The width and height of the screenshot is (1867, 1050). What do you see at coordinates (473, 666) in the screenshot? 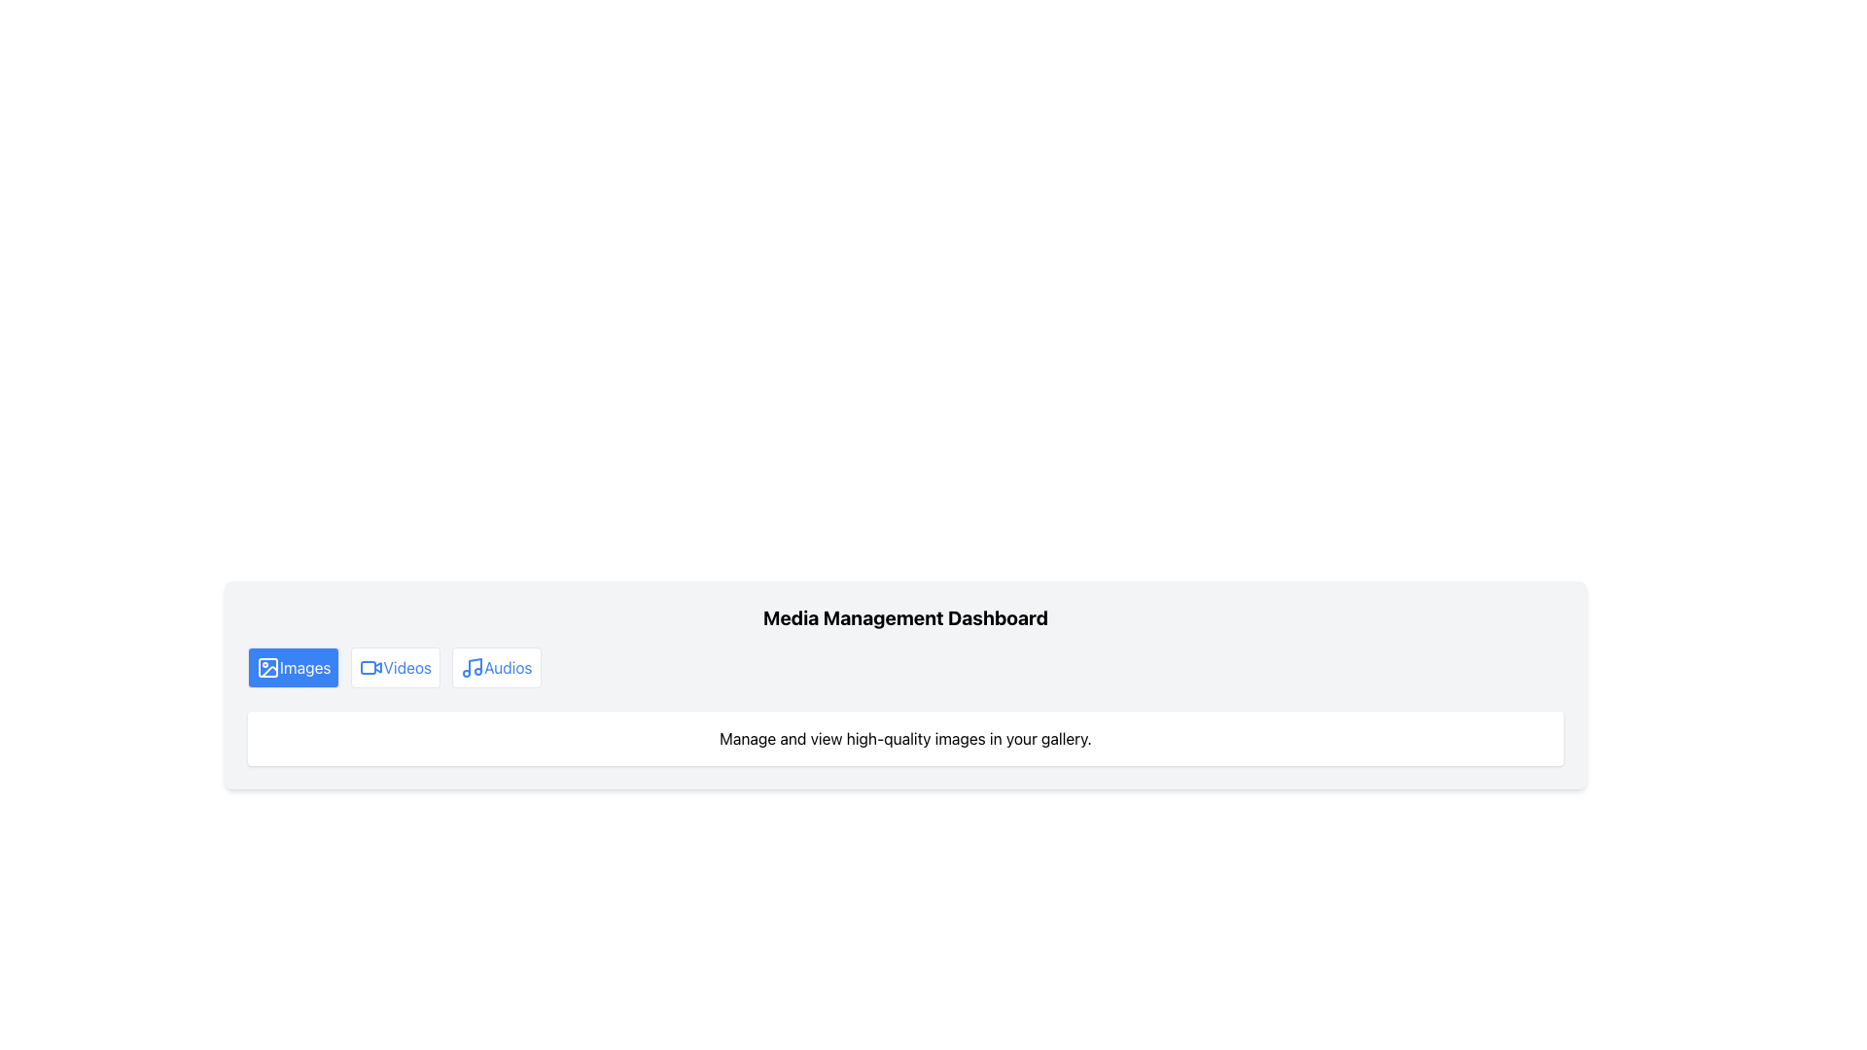
I see `the music note icon within the 'Audios' button` at bounding box center [473, 666].